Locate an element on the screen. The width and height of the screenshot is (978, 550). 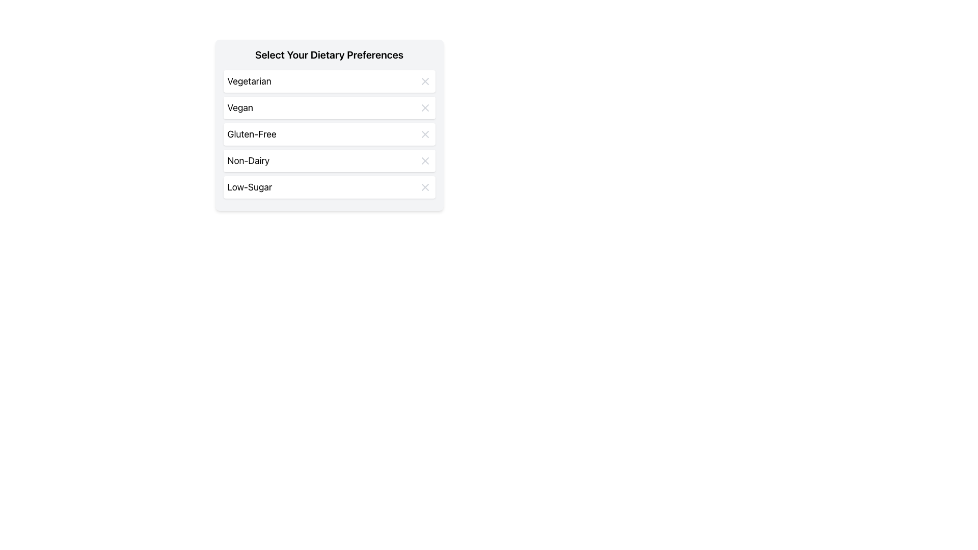
the small gray outlined button with a diagonal cross ('X') shape located to the far right of the 'Low-Sugar' dietary preference row in the 'Select Your Dietary Preferences' section is located at coordinates (425, 187).